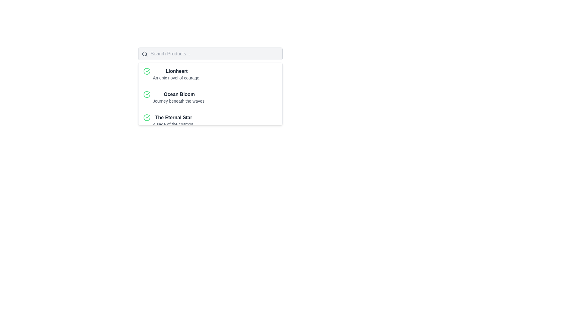 The width and height of the screenshot is (578, 325). Describe the element at coordinates (179, 101) in the screenshot. I see `the static text label that reads 'Journey beneath the waves.' which is styled in gray and positioned below the title 'Ocean Bloom'` at that location.